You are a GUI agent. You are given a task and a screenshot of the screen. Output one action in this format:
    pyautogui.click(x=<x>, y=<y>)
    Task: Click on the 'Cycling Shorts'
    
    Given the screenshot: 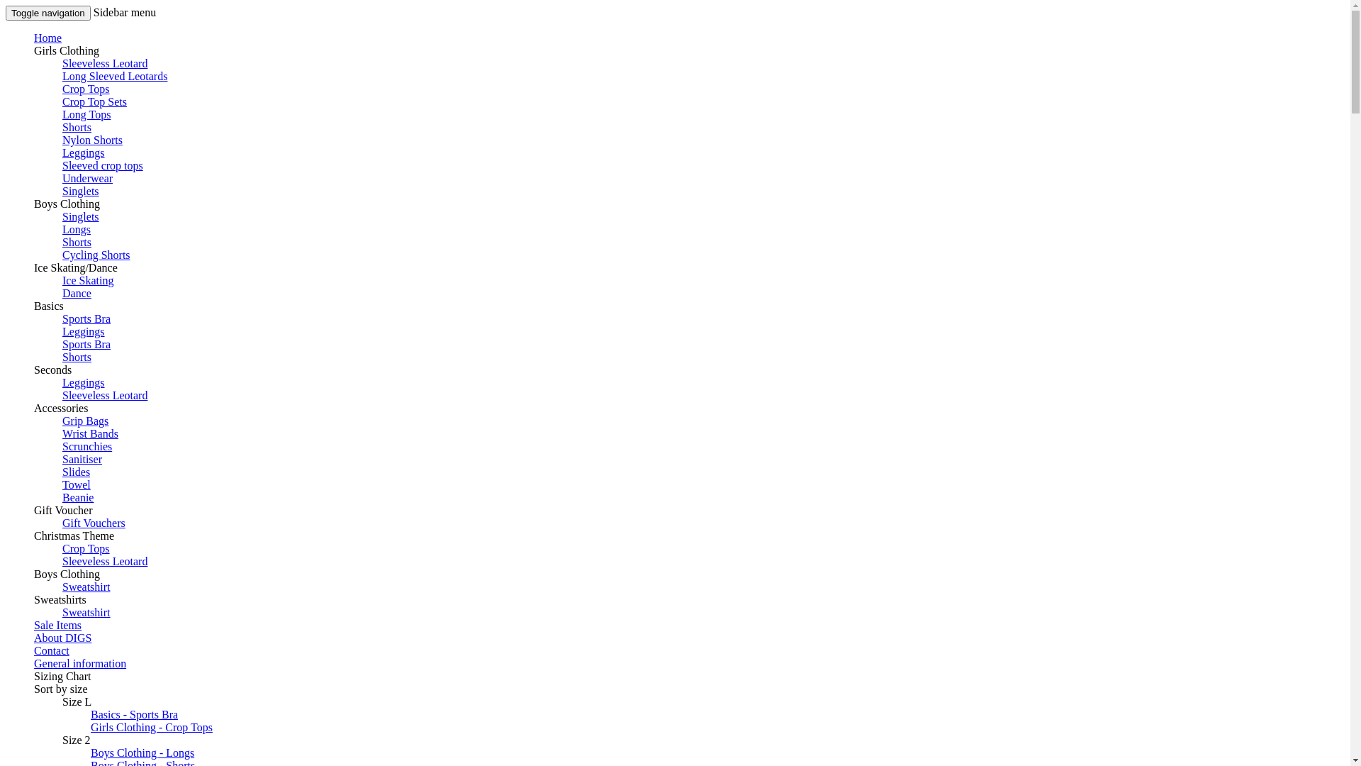 What is the action you would take?
    pyautogui.click(x=95, y=254)
    